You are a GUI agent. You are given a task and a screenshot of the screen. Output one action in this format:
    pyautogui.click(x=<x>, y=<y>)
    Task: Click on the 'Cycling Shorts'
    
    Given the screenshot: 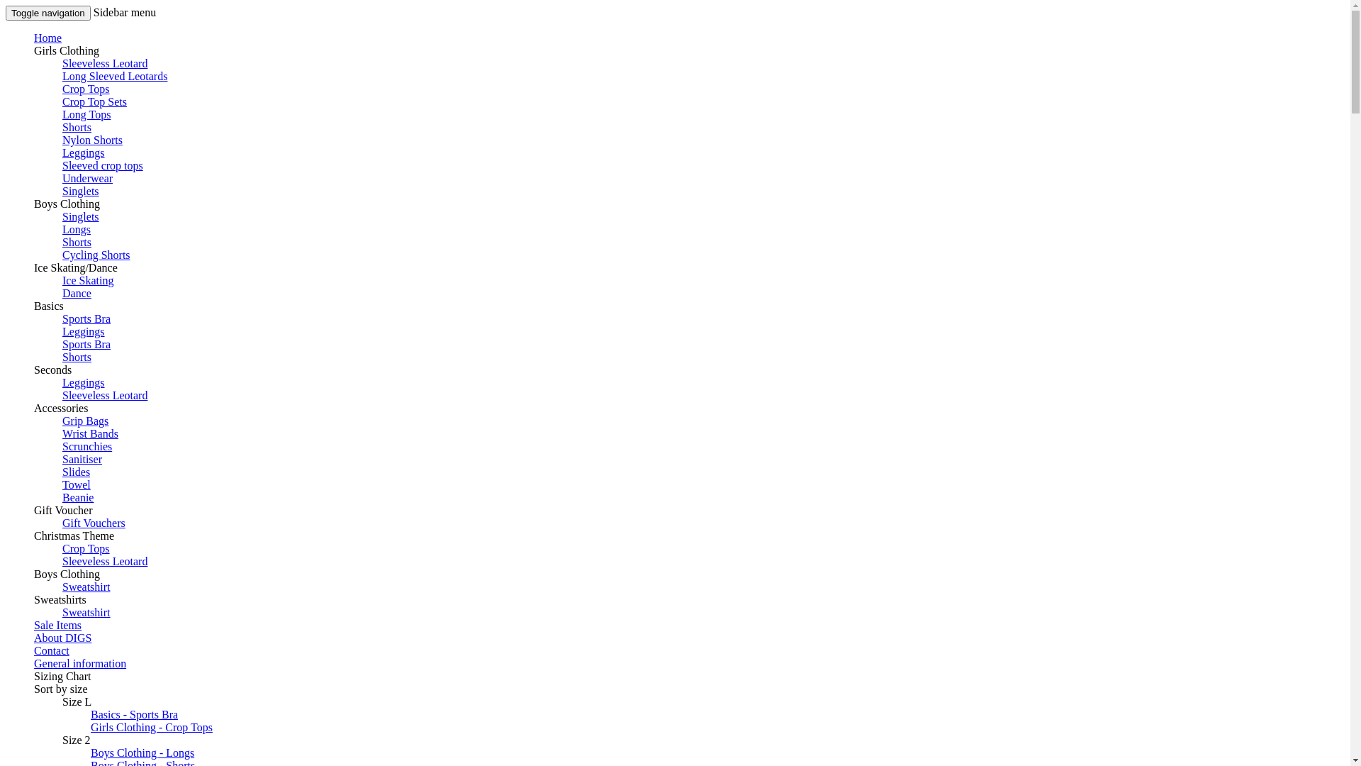 What is the action you would take?
    pyautogui.click(x=95, y=254)
    